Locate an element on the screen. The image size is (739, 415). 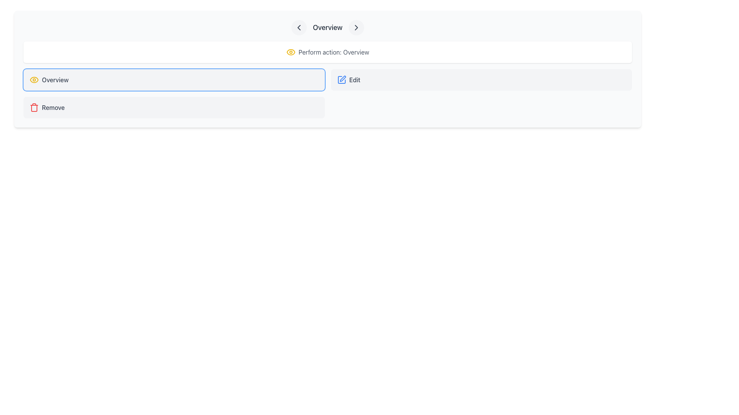
the Informational Text with Icon that serves as a status indicator related to 'Overview', positioned centrally below the main title is located at coordinates (328, 52).